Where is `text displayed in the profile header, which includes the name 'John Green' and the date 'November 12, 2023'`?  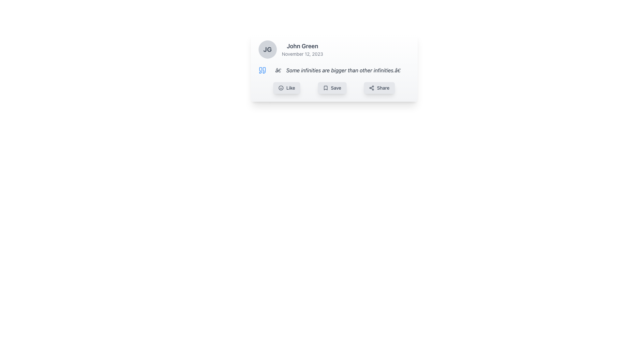
text displayed in the profile header, which includes the name 'John Green' and the date 'November 12, 2023' is located at coordinates (302, 49).